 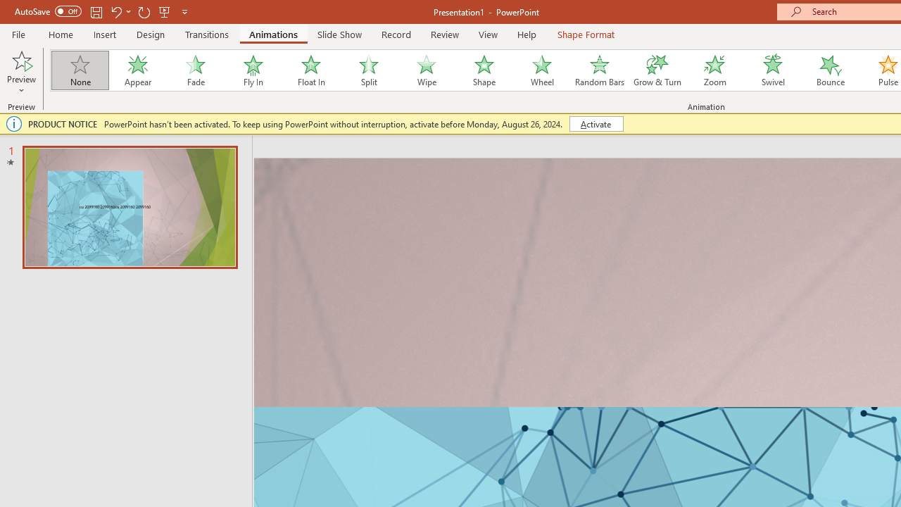 What do you see at coordinates (79, 70) in the screenshot?
I see `'None'` at bounding box center [79, 70].